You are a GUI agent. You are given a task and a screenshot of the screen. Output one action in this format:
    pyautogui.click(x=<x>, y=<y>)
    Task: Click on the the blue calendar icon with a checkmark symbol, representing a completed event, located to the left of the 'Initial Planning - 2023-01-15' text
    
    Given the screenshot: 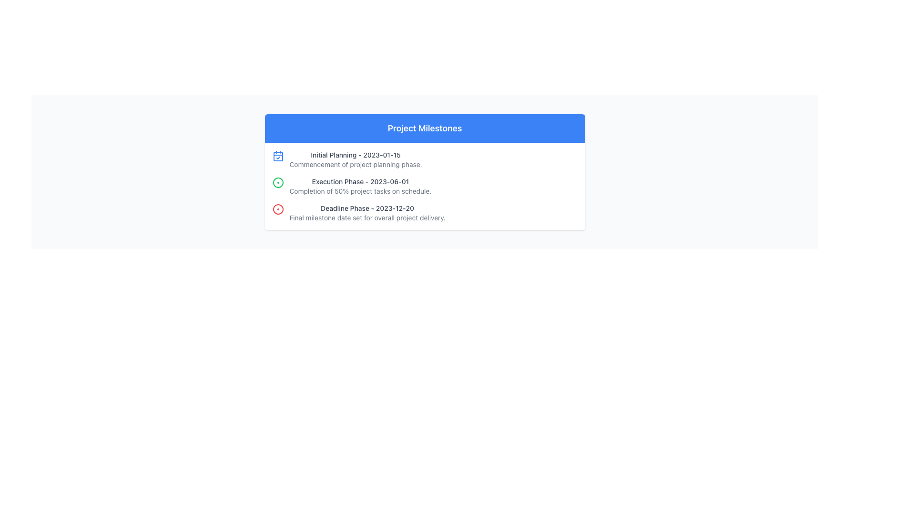 What is the action you would take?
    pyautogui.click(x=277, y=155)
    